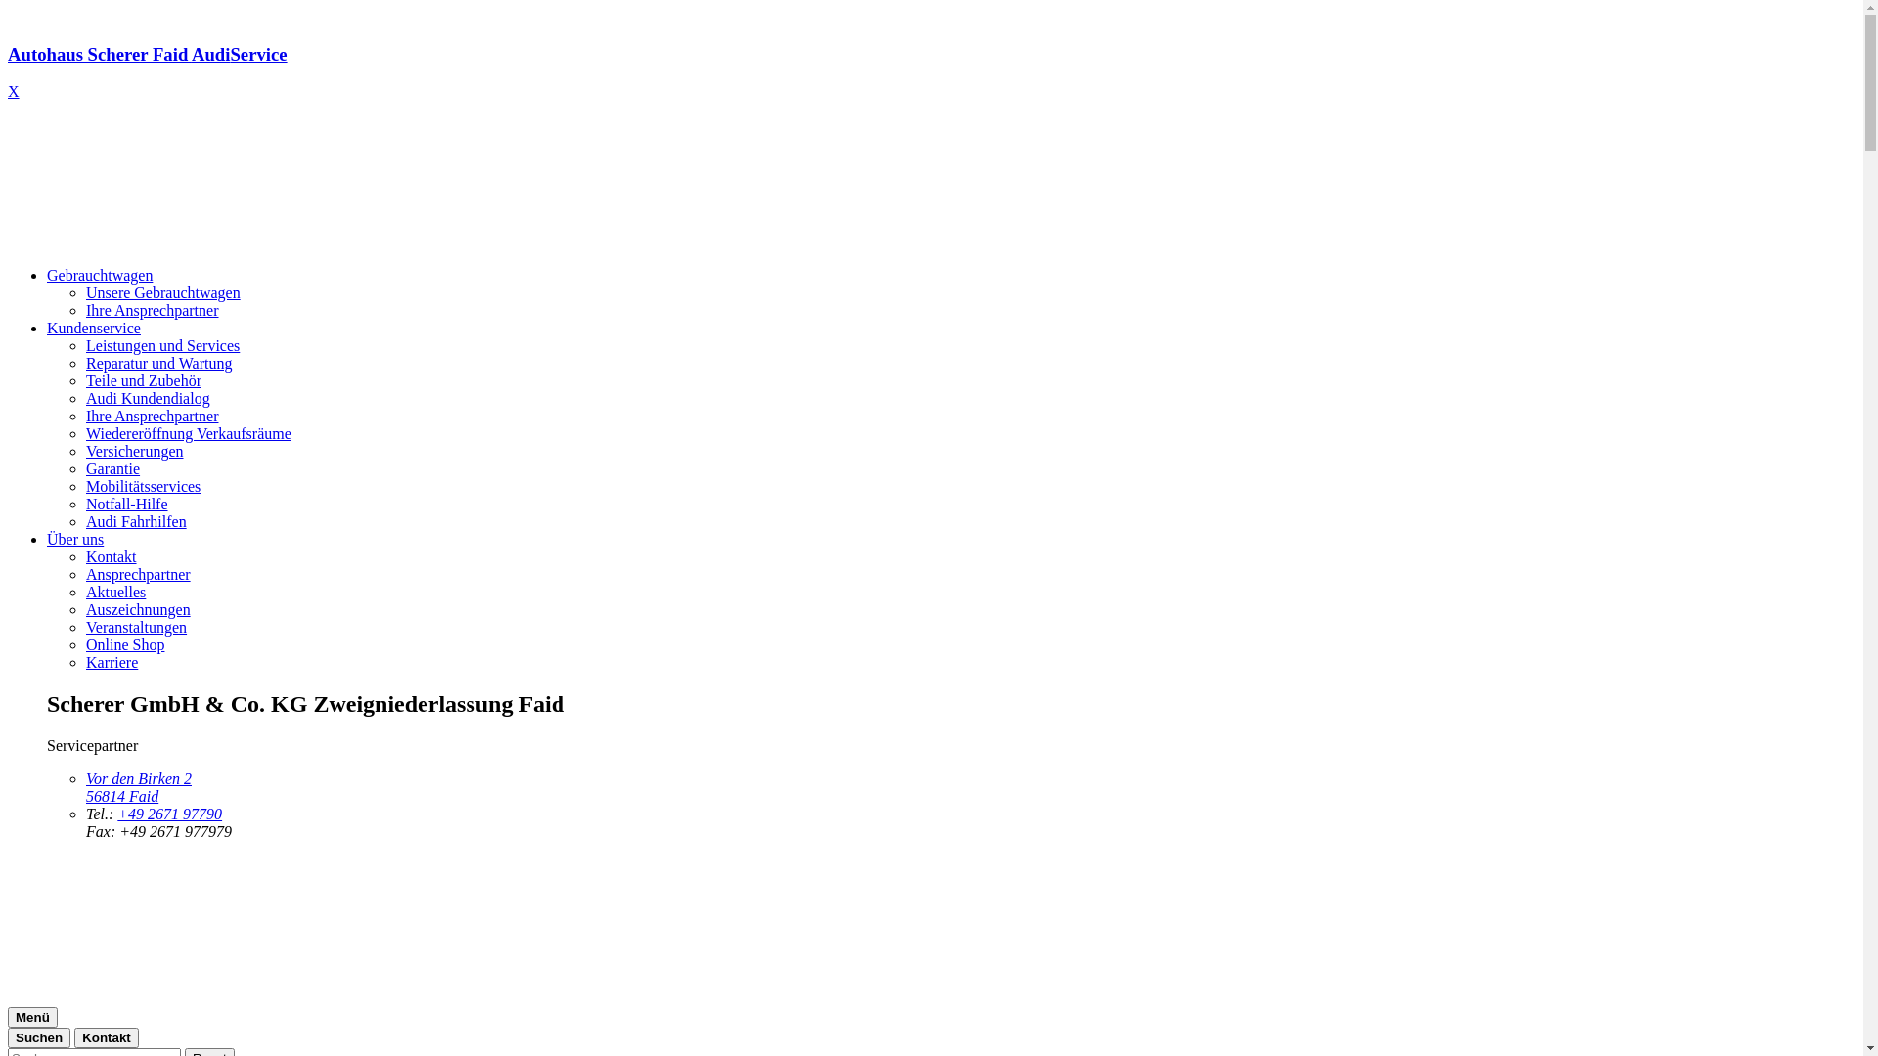 The image size is (1878, 1056). Describe the element at coordinates (84, 591) in the screenshot. I see `'Aktuelles'` at that location.